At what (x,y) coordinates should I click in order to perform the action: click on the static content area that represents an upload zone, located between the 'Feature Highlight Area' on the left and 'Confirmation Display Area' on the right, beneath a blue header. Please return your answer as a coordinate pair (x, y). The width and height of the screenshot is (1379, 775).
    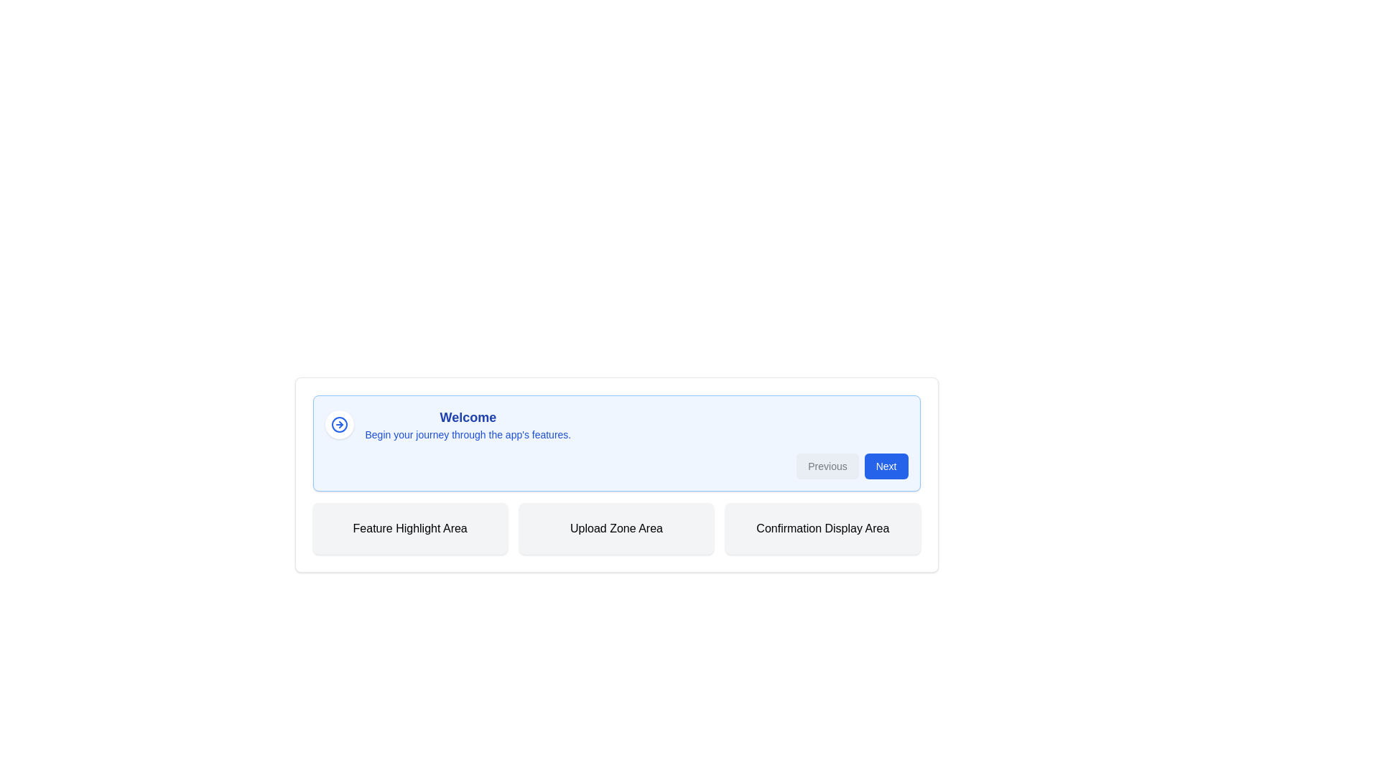
    Looking at the image, I should click on (616, 528).